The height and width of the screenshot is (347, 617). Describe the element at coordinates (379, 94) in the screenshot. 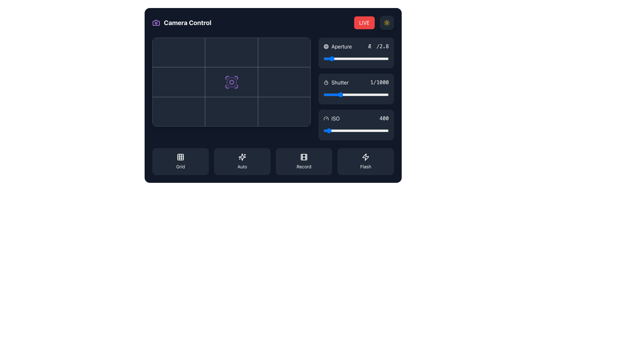

I see `the shutter speed value` at that location.